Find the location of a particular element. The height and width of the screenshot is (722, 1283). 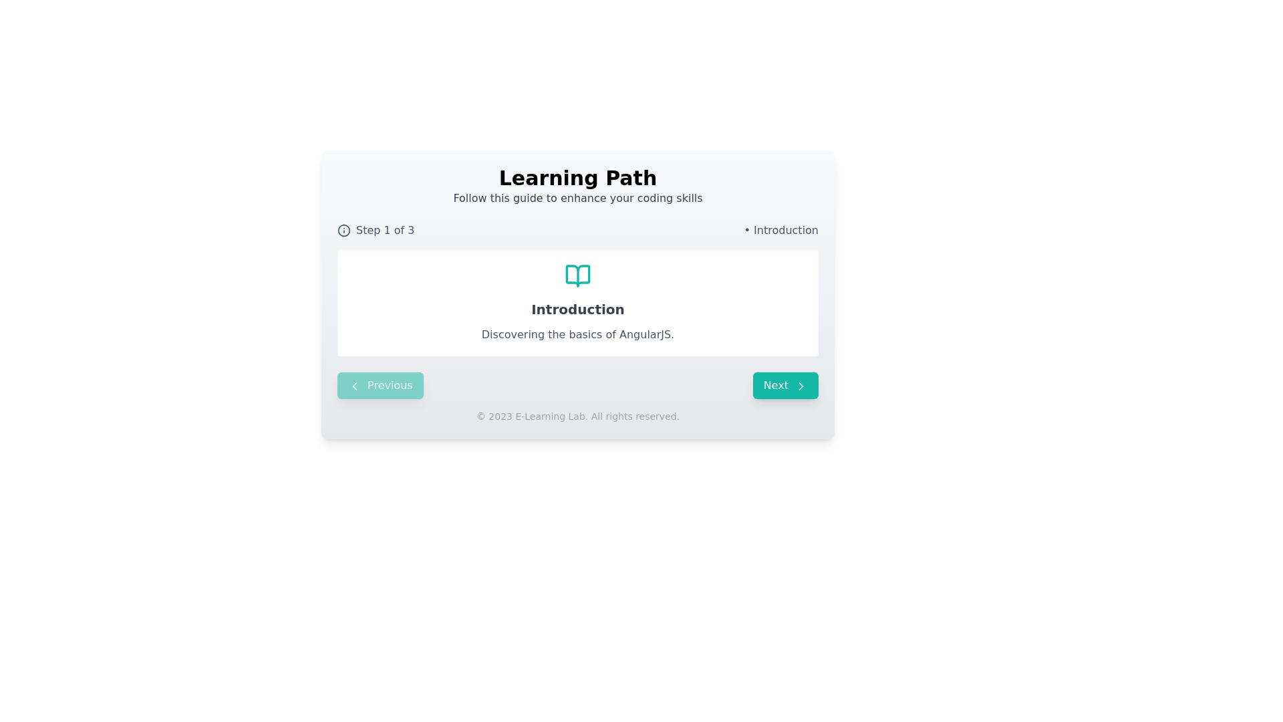

the chevron arrow icon located within the 'Next' button at the bottom-right corner of the card section is located at coordinates (801, 386).